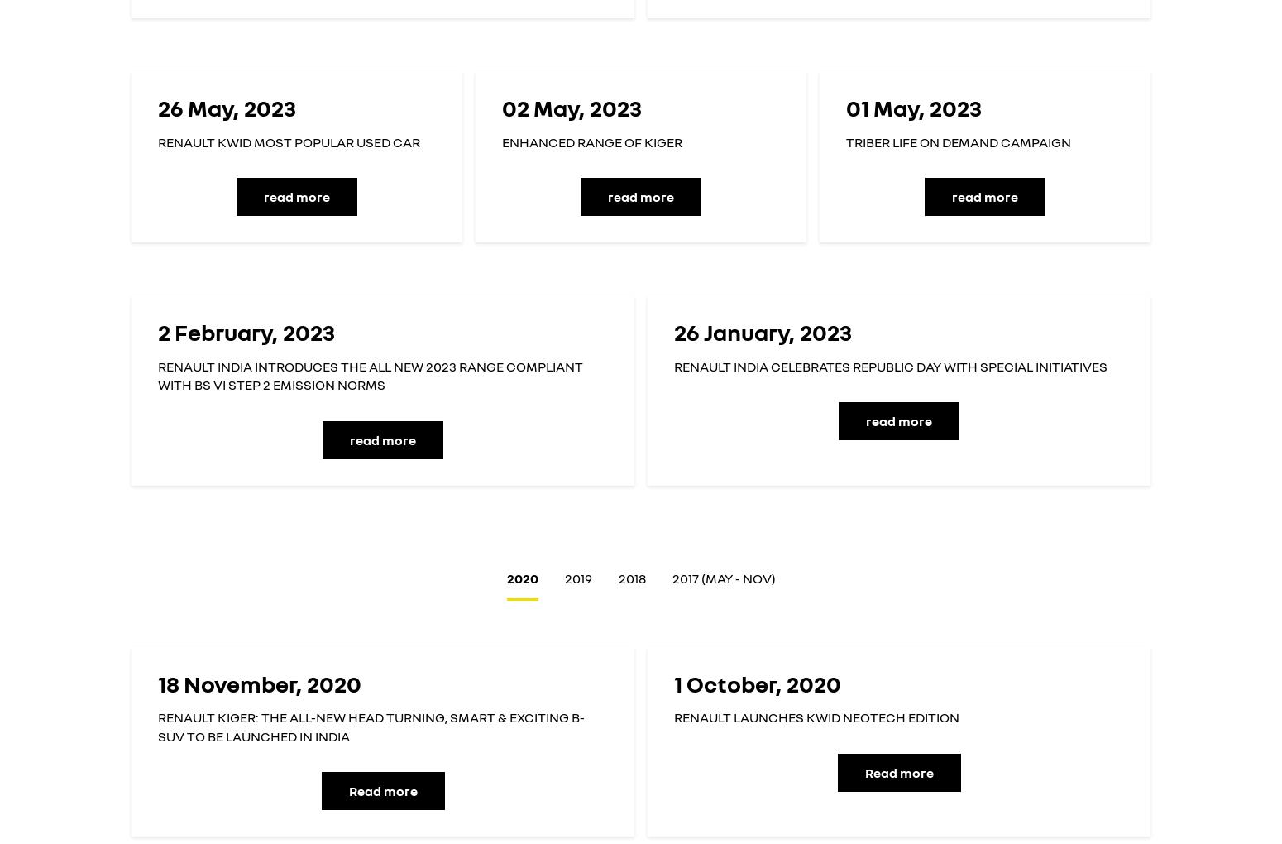 The image size is (1282, 844). I want to click on 'RENAULT KWID MOST POPULAR USED CAR', so click(288, 141).